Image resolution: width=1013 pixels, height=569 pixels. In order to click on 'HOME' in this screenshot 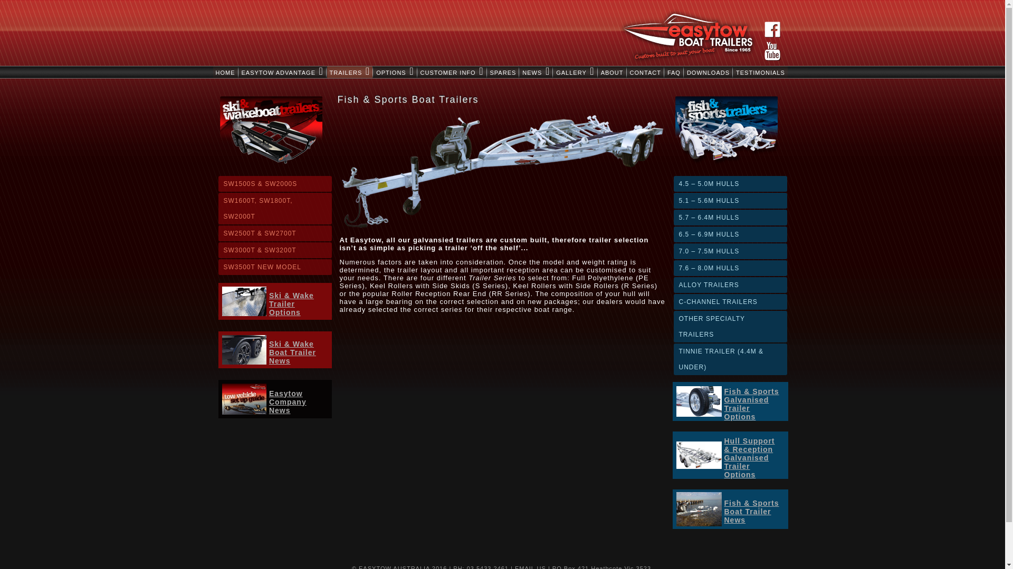, I will do `click(225, 72)`.